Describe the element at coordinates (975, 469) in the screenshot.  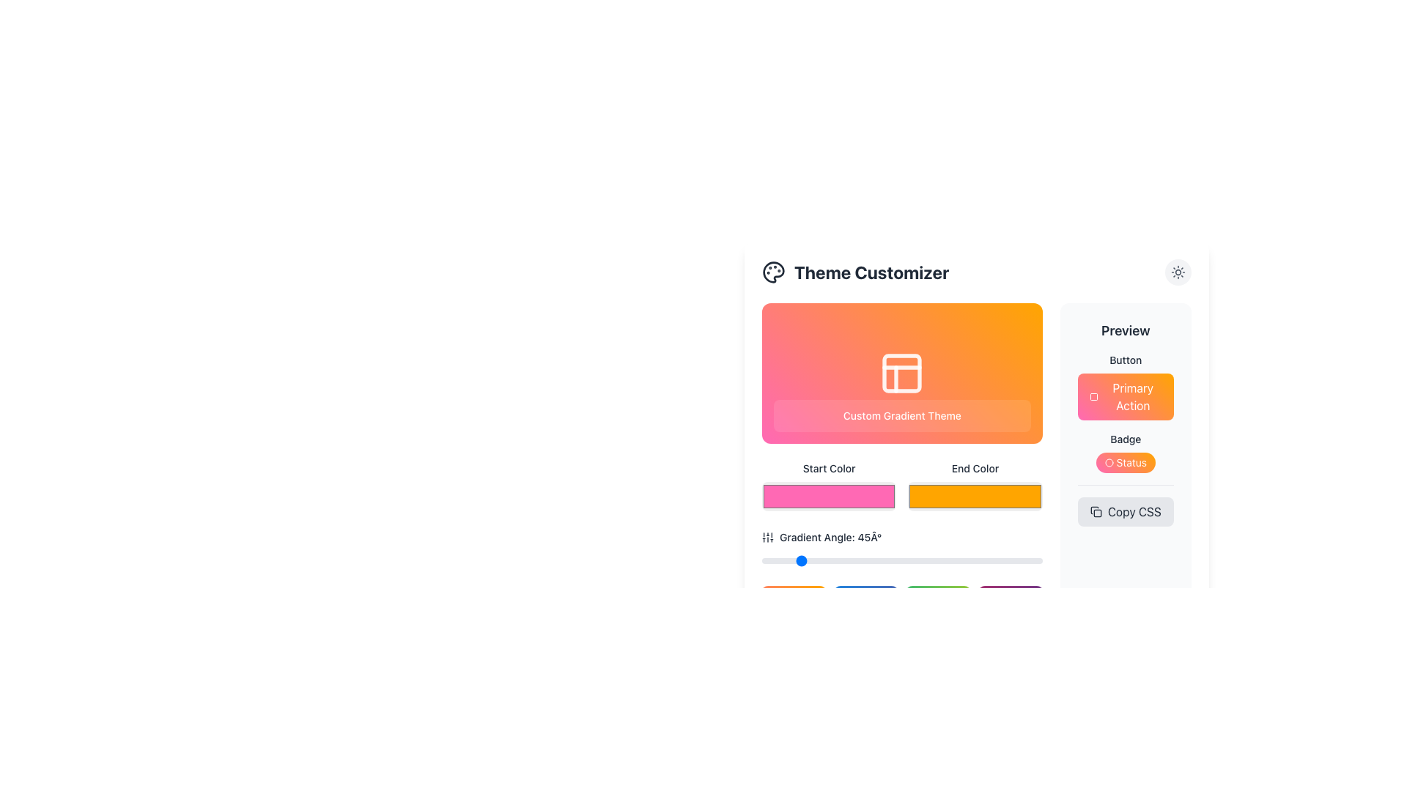
I see `the descriptive label for the 'End Color' color picker input, which is located below the 'Custom Gradient Theme' header and above the color picker input field` at that location.